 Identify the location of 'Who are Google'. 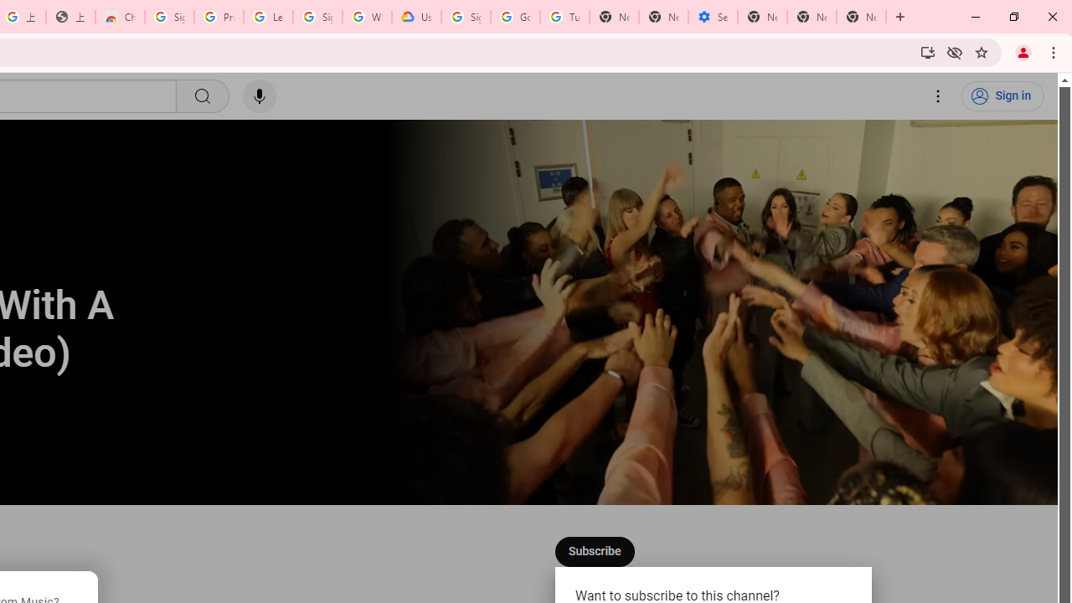
(366, 17).